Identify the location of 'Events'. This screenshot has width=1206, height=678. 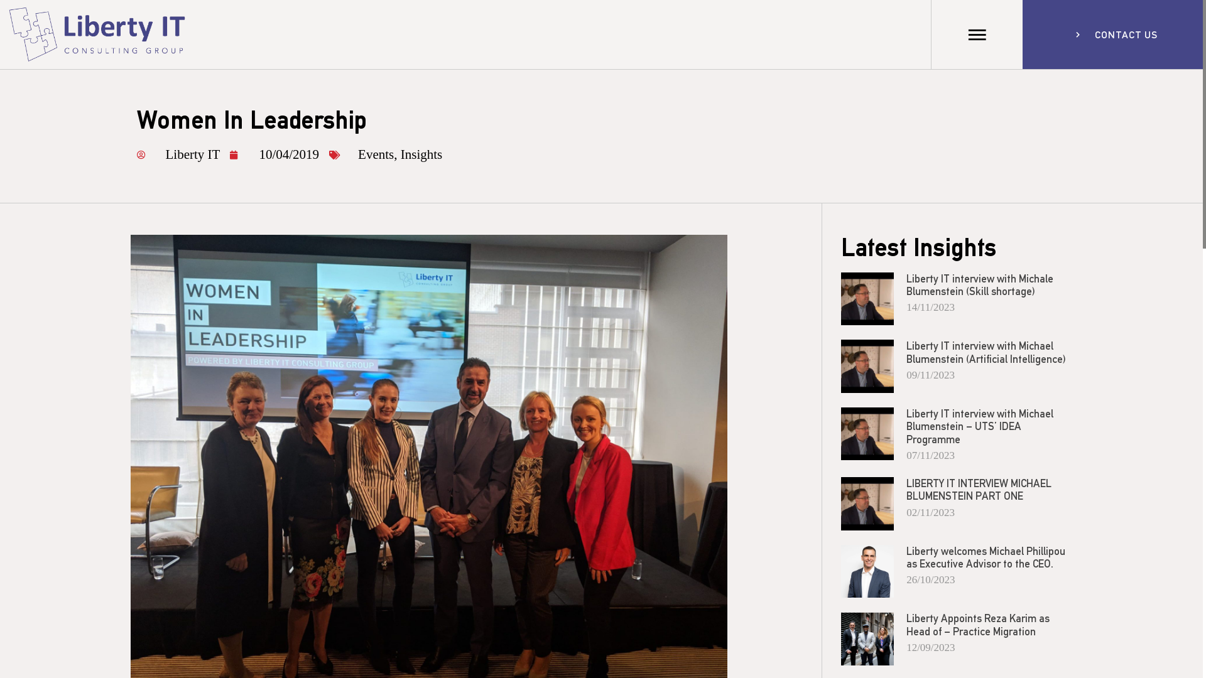
(375, 154).